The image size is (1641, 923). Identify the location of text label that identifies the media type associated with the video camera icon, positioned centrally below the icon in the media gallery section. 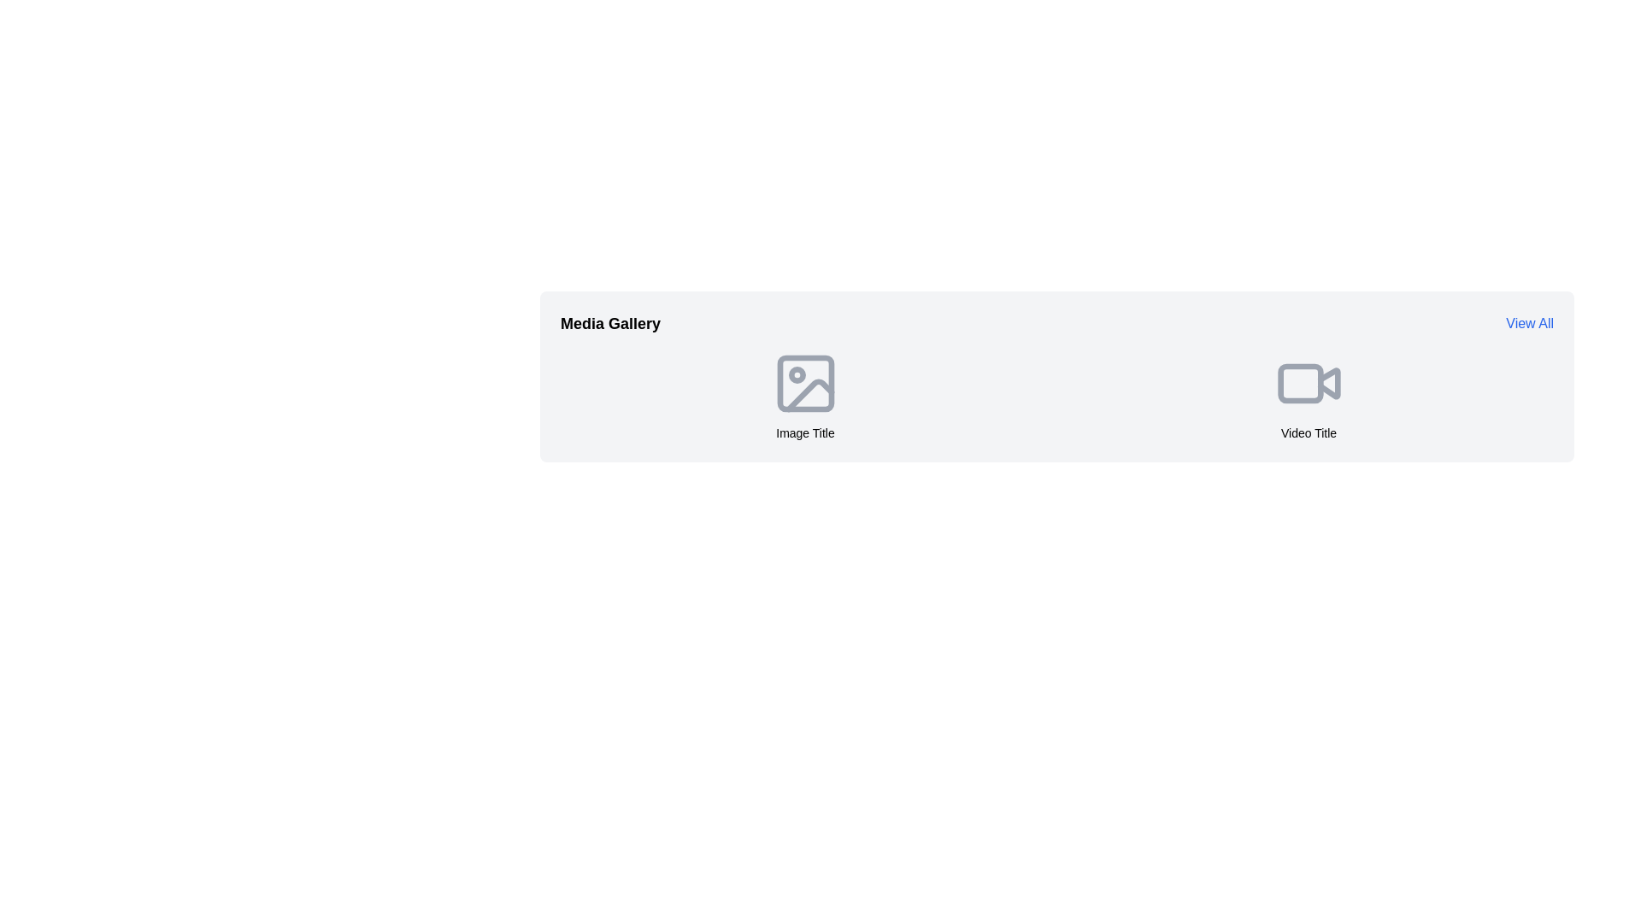
(1308, 432).